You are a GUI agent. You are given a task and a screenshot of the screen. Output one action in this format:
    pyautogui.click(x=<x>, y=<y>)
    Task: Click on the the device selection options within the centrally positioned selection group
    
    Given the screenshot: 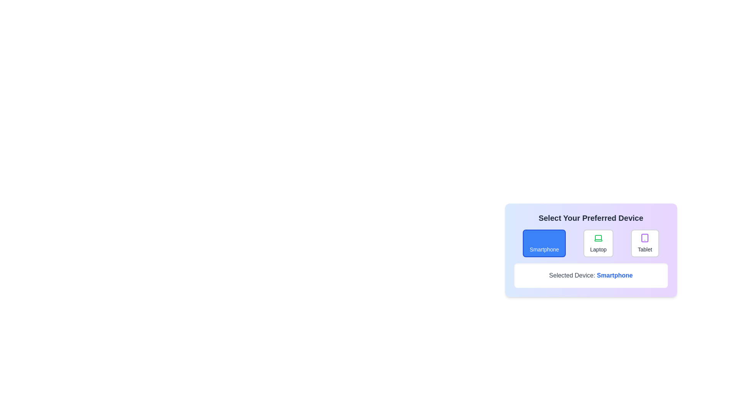 What is the action you would take?
    pyautogui.click(x=590, y=250)
    